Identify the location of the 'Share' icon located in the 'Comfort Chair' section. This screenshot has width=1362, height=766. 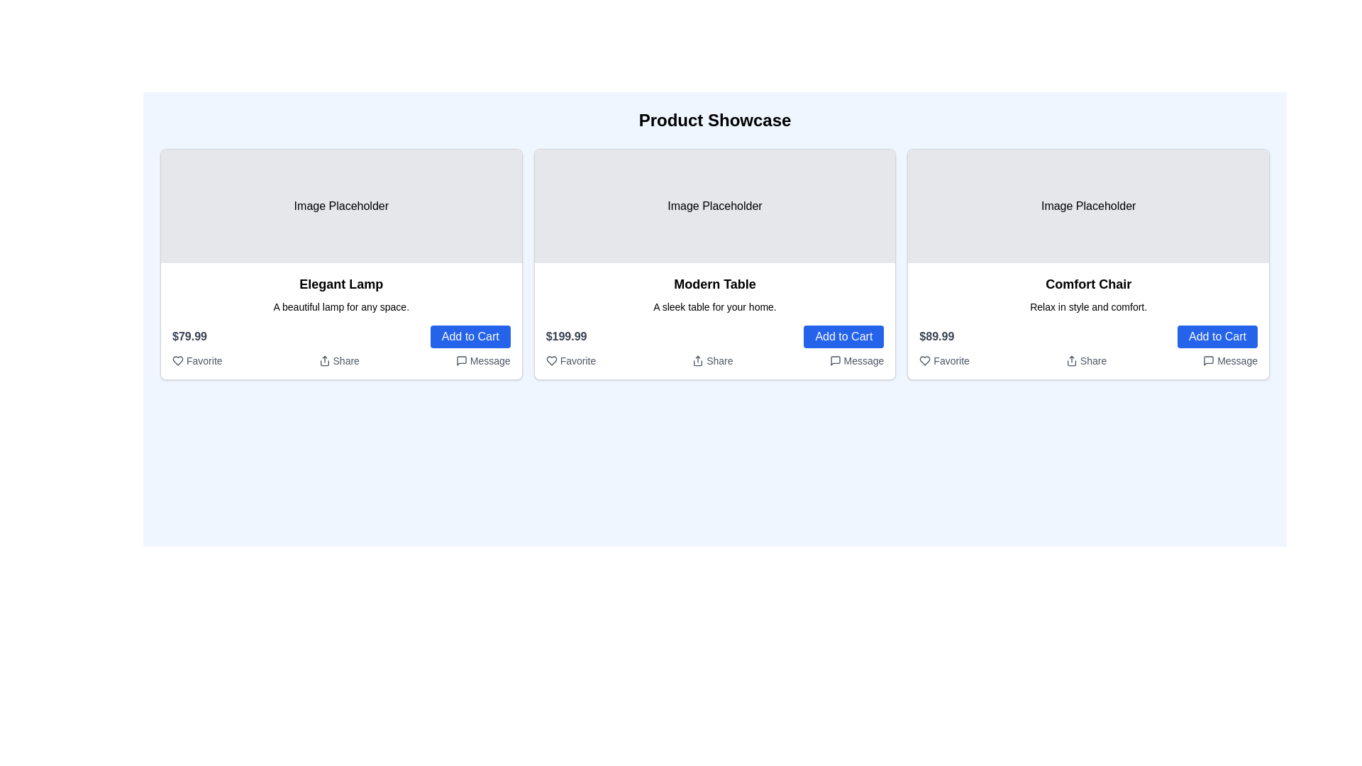
(1087, 360).